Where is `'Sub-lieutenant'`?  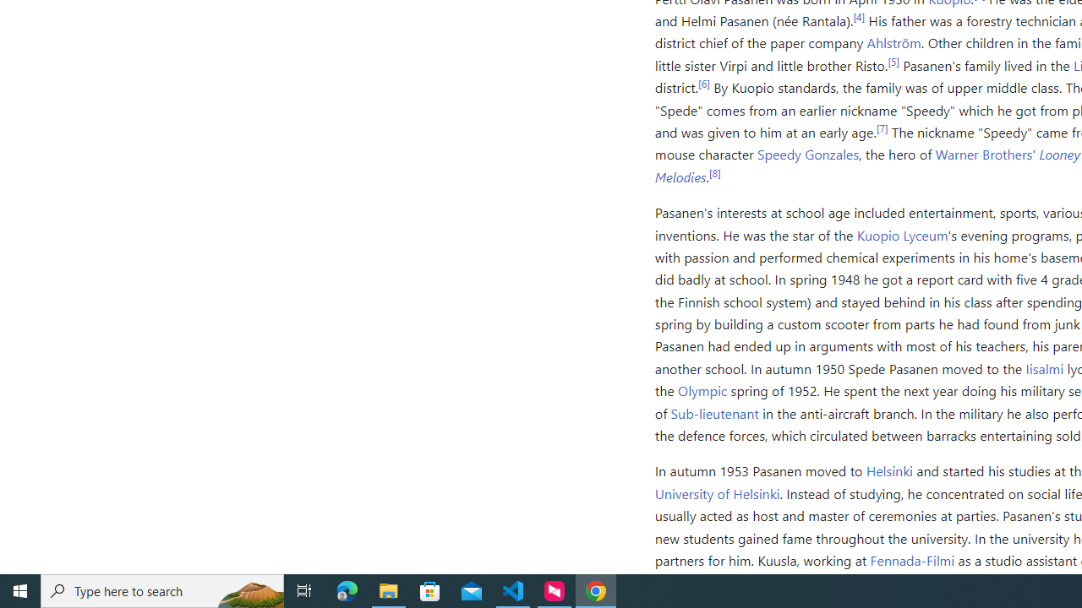
'Sub-lieutenant' is located at coordinates (715, 412).